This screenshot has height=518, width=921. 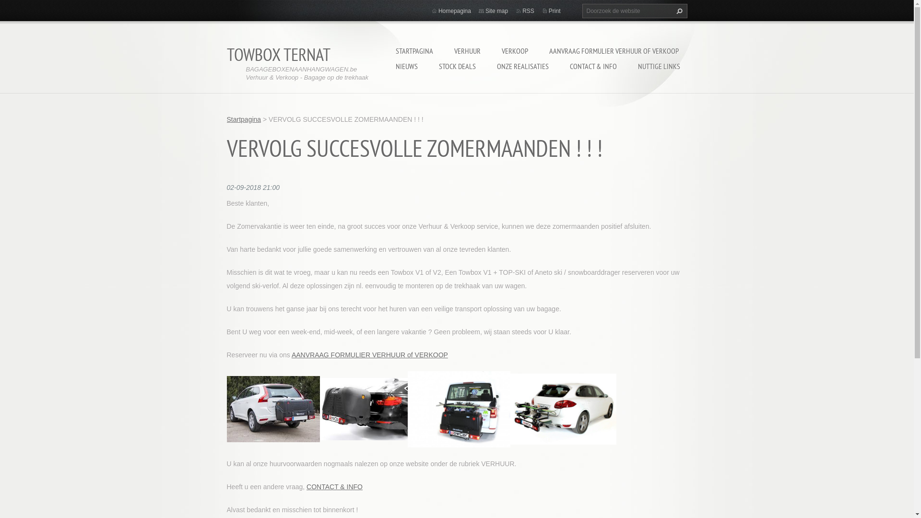 I want to click on 'Print', so click(x=555, y=11).